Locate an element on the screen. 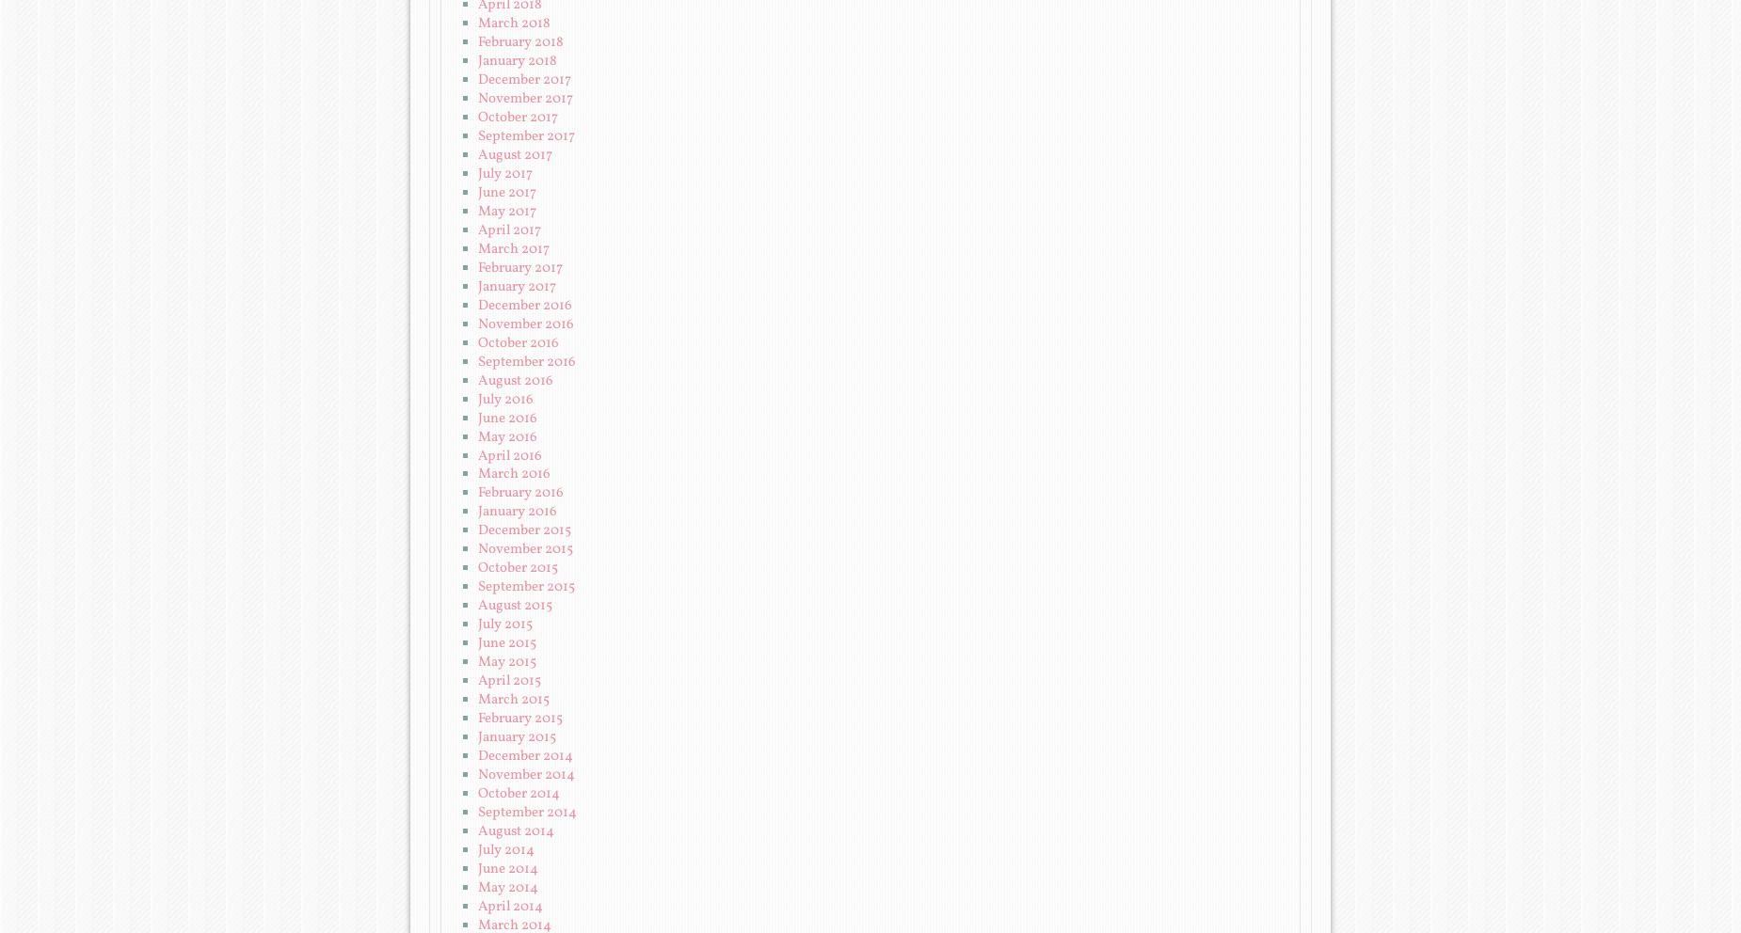 The width and height of the screenshot is (1741, 933). 'February 2017' is located at coordinates (519, 266).